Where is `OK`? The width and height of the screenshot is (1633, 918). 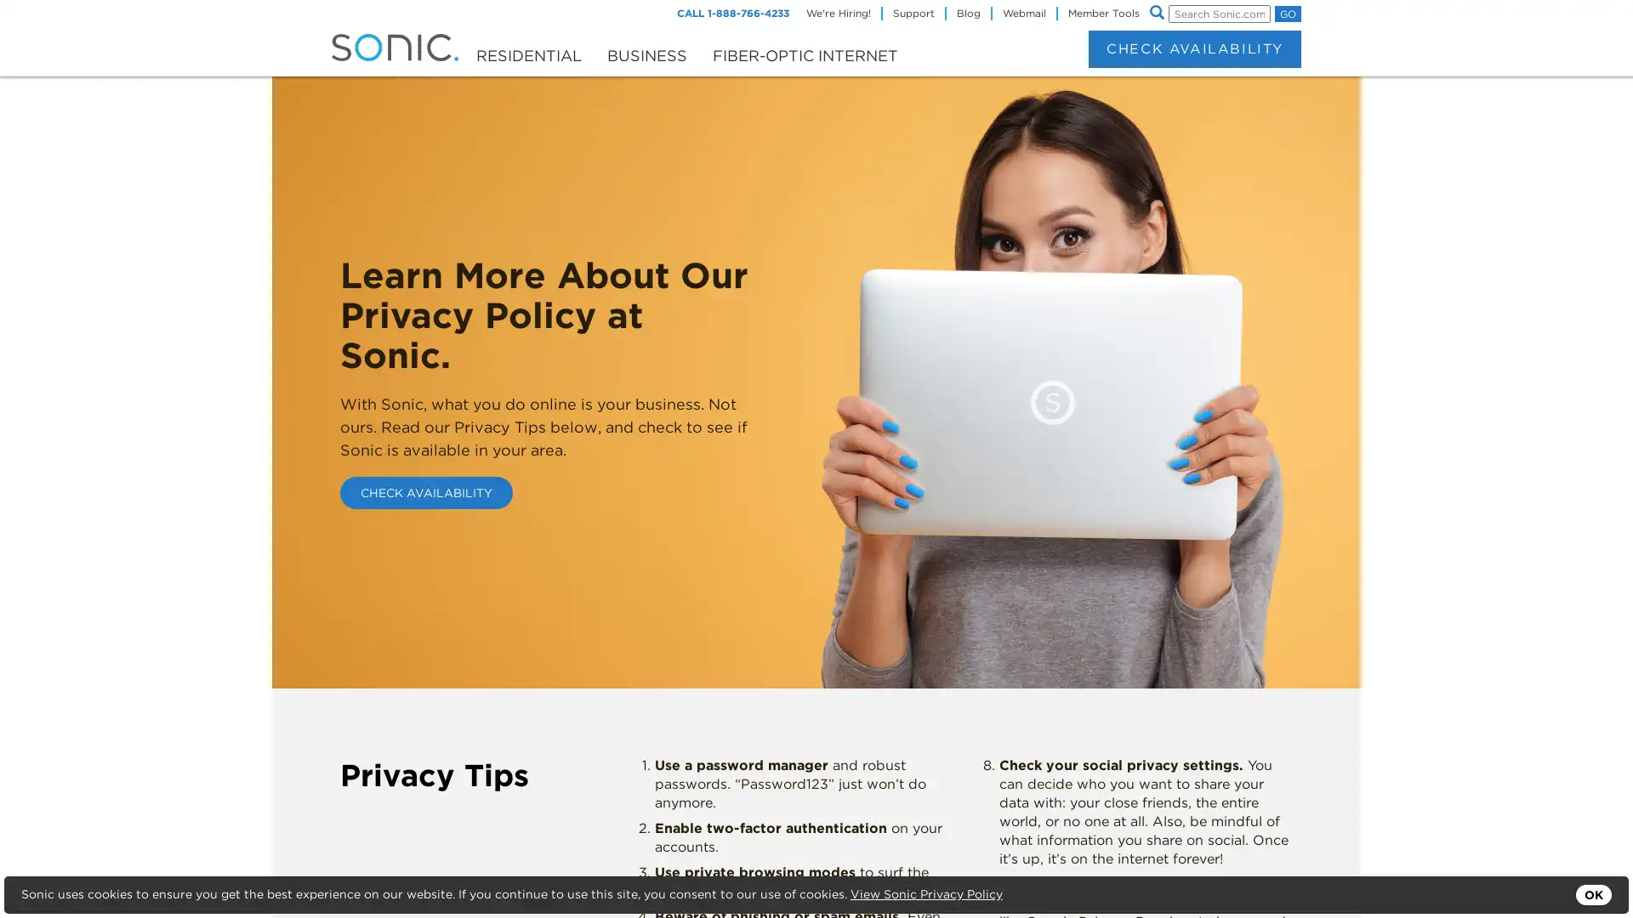
OK is located at coordinates (1592, 894).